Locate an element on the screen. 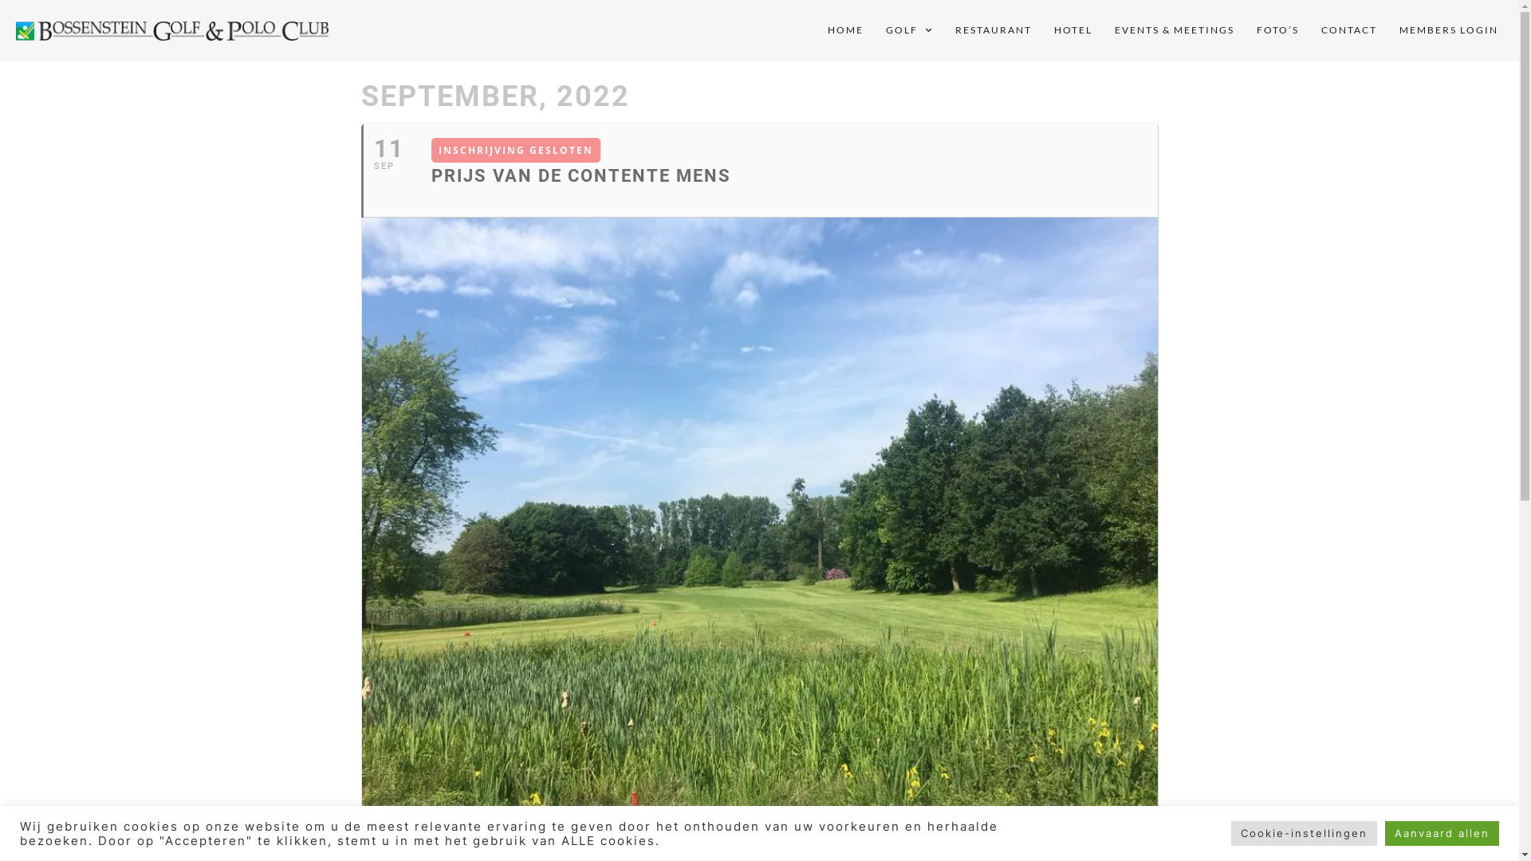  'HOME' is located at coordinates (844, 30).